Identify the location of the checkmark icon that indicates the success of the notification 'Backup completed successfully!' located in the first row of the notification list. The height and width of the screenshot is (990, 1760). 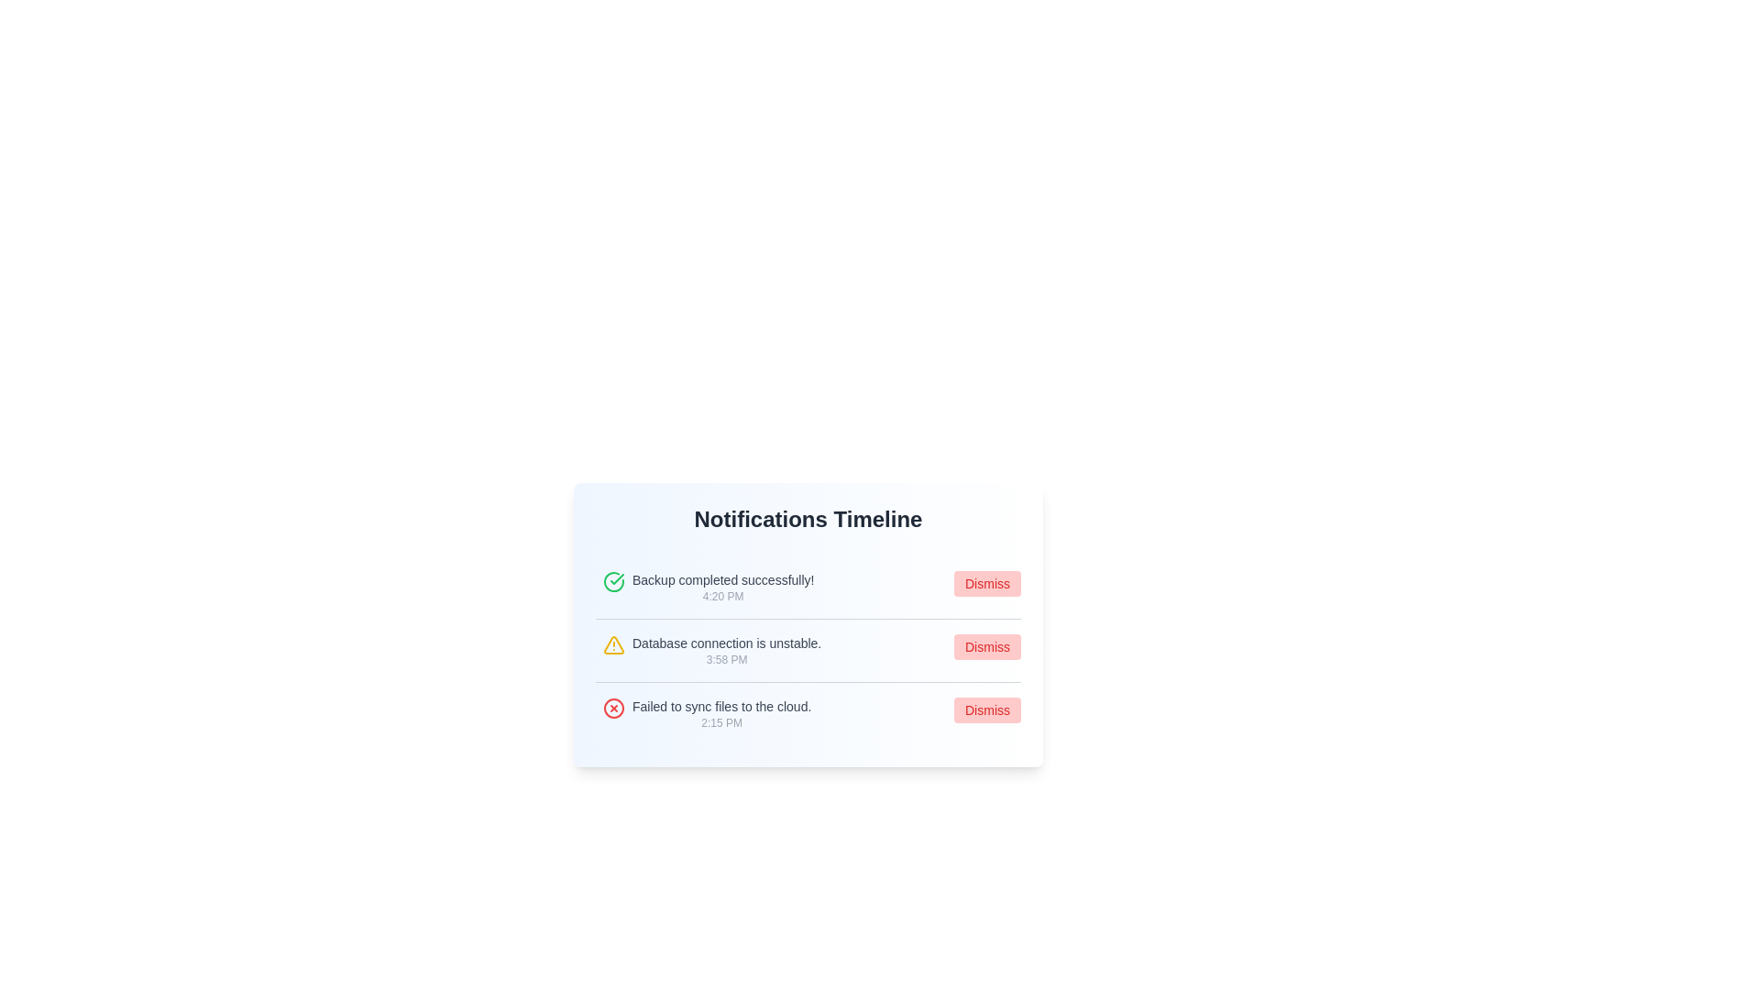
(617, 579).